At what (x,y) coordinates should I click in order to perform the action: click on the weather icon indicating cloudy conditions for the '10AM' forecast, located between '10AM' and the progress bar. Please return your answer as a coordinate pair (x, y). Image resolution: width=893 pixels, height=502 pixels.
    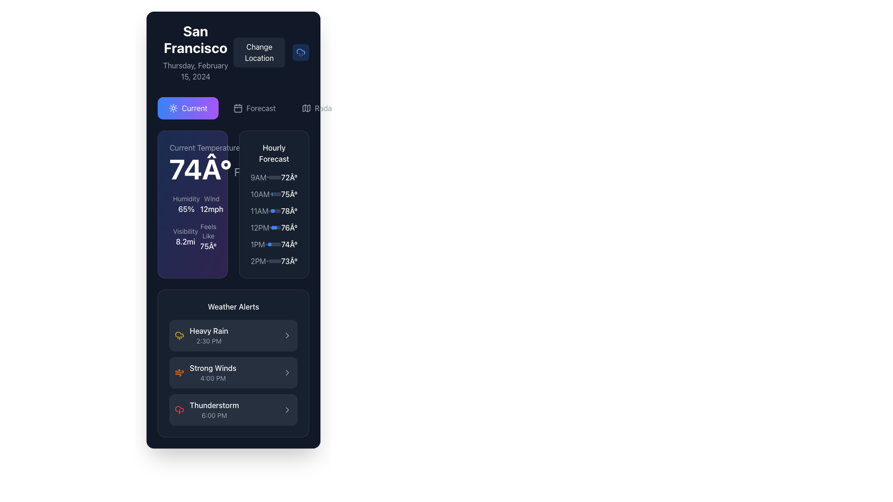
    Looking at the image, I should click on (270, 193).